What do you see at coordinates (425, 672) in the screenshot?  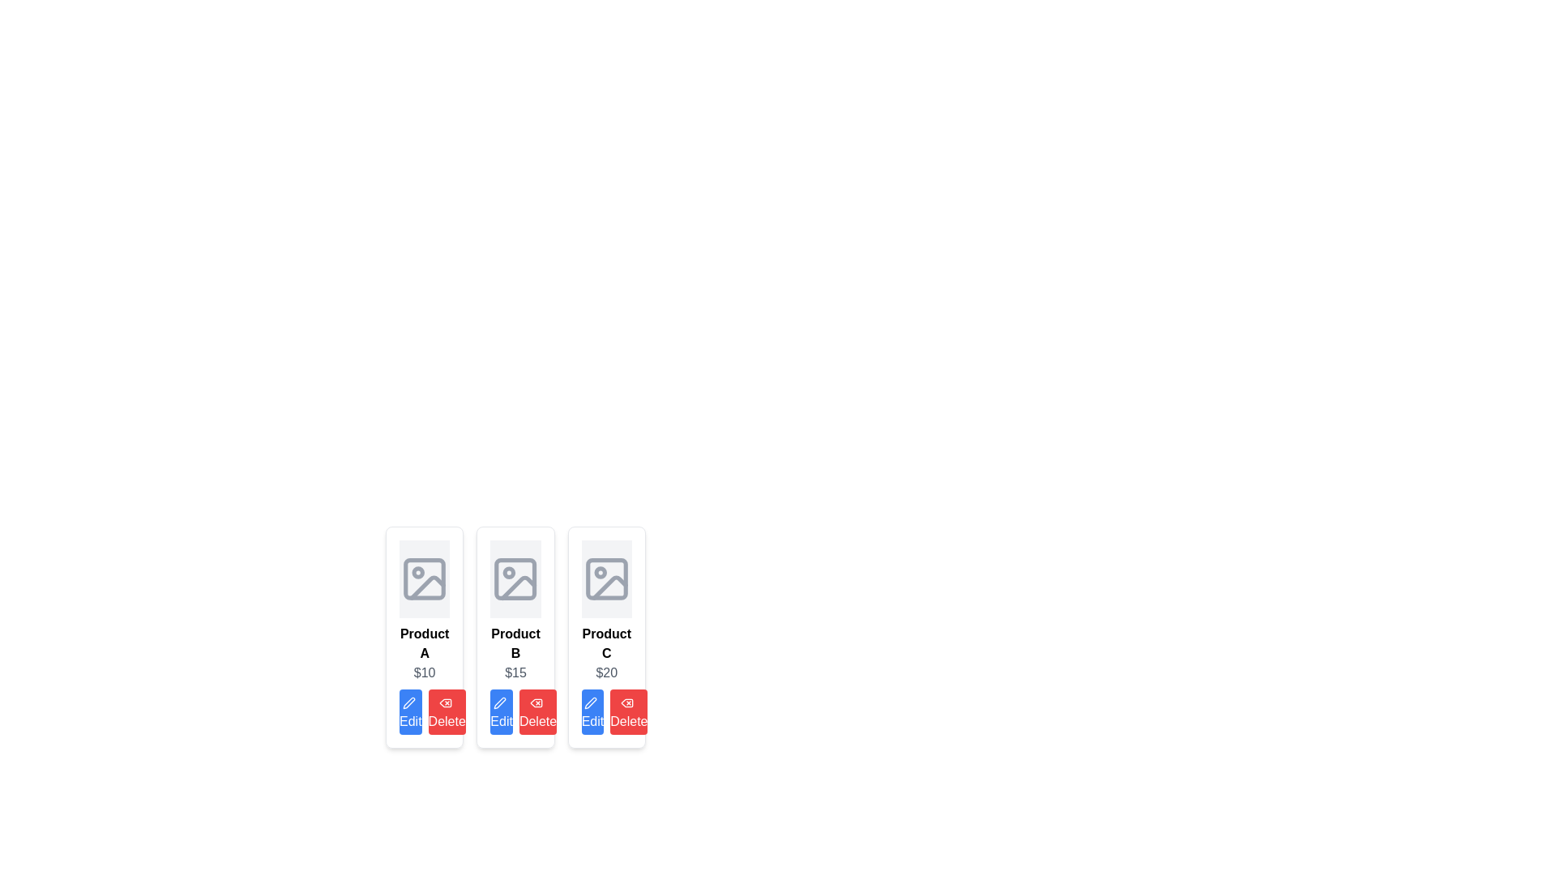 I see `the Text label that indicates the price associated with 'Product A', which is located below the product title and above the action buttons` at bounding box center [425, 672].